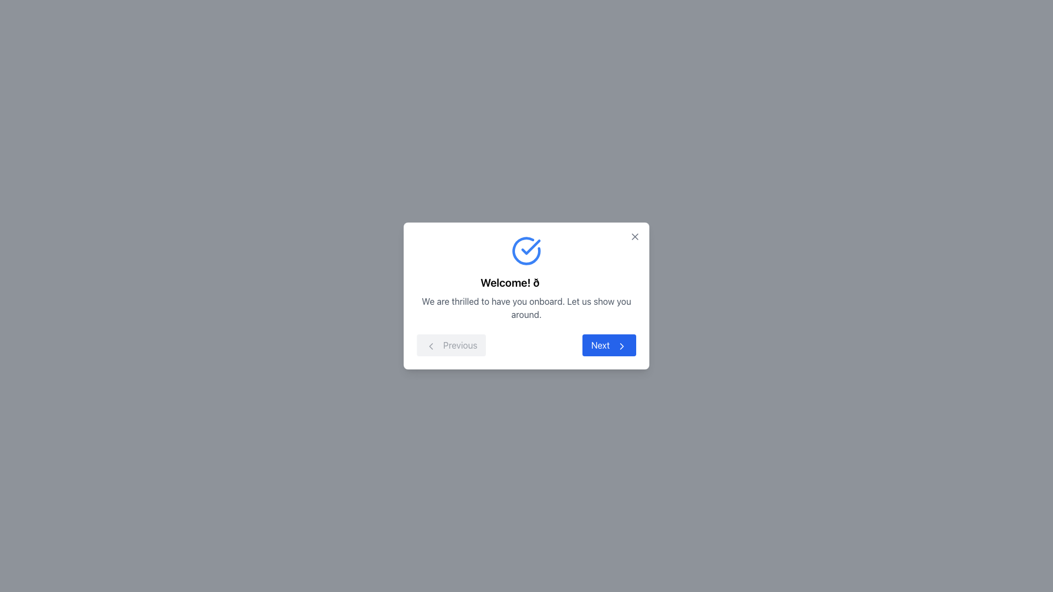  I want to click on the chevron icon located at the left side of the 'Previous' button in the dialog box, so click(431, 346).